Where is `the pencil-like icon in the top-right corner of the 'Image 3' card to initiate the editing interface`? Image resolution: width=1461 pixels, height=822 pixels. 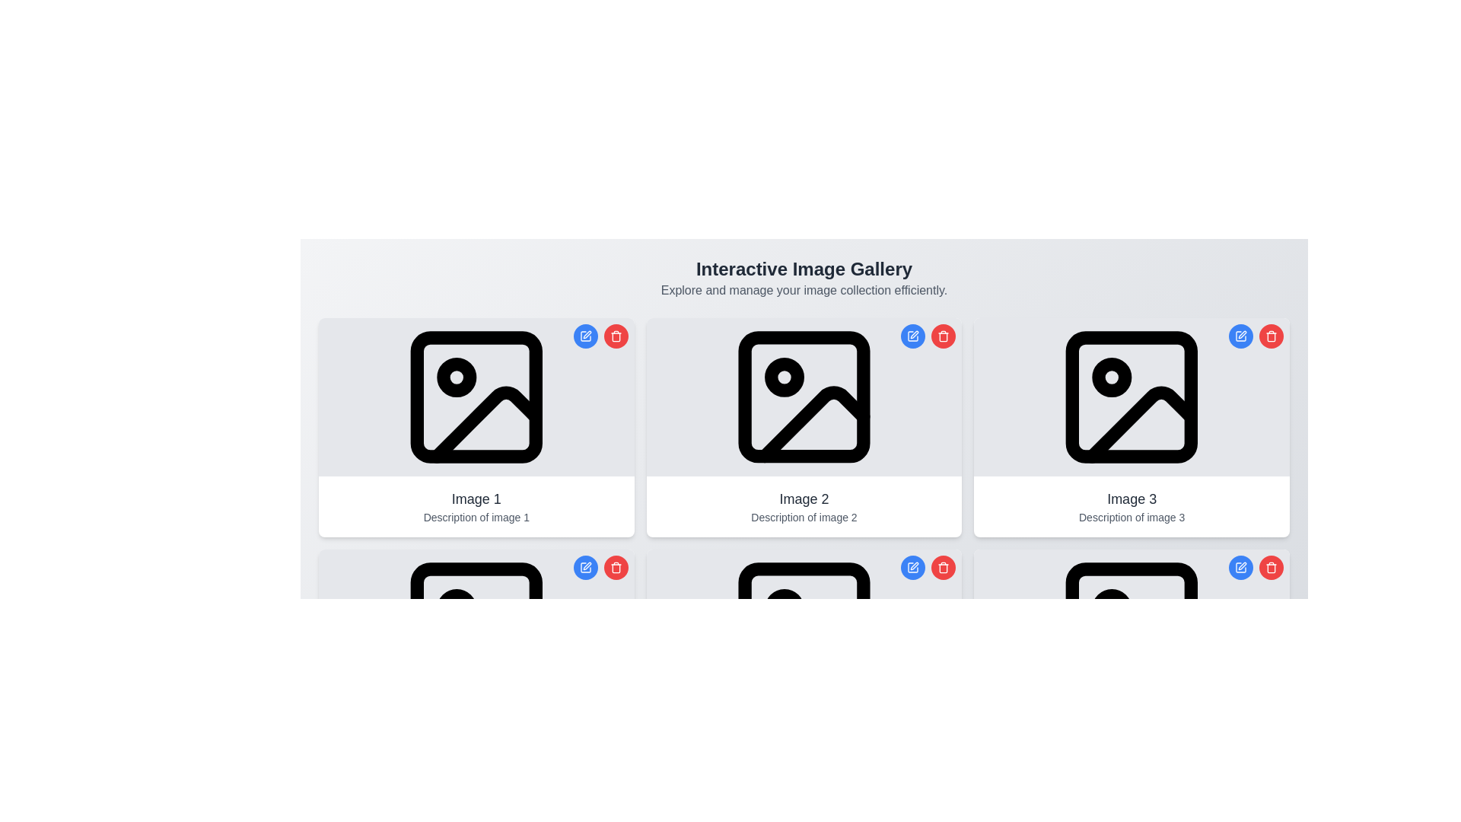
the pencil-like icon in the top-right corner of the 'Image 3' card to initiate the editing interface is located at coordinates (1242, 333).